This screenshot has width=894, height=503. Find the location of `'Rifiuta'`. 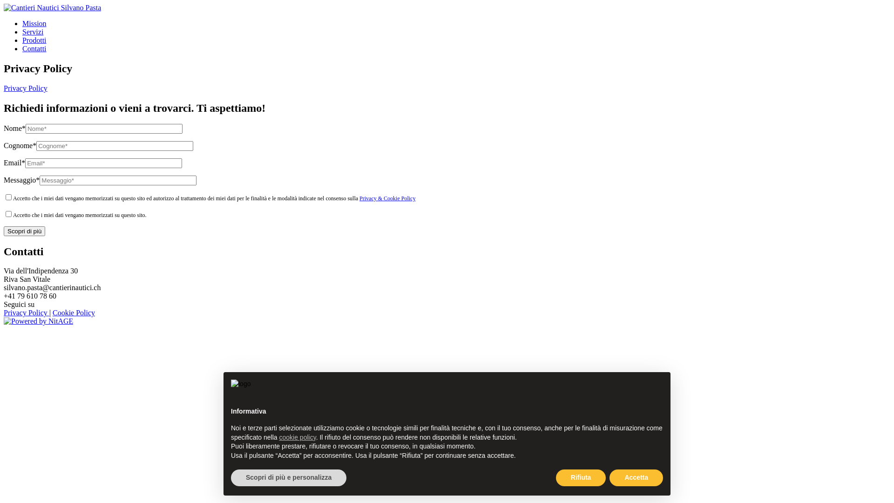

'Rifiuta' is located at coordinates (581, 478).